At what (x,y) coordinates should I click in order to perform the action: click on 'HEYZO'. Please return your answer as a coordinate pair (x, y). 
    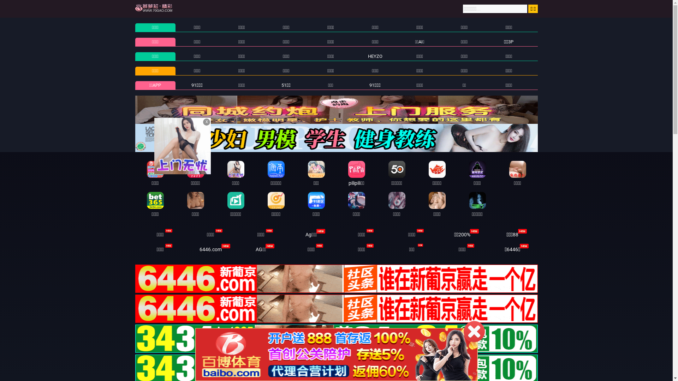
    Looking at the image, I should click on (367, 56).